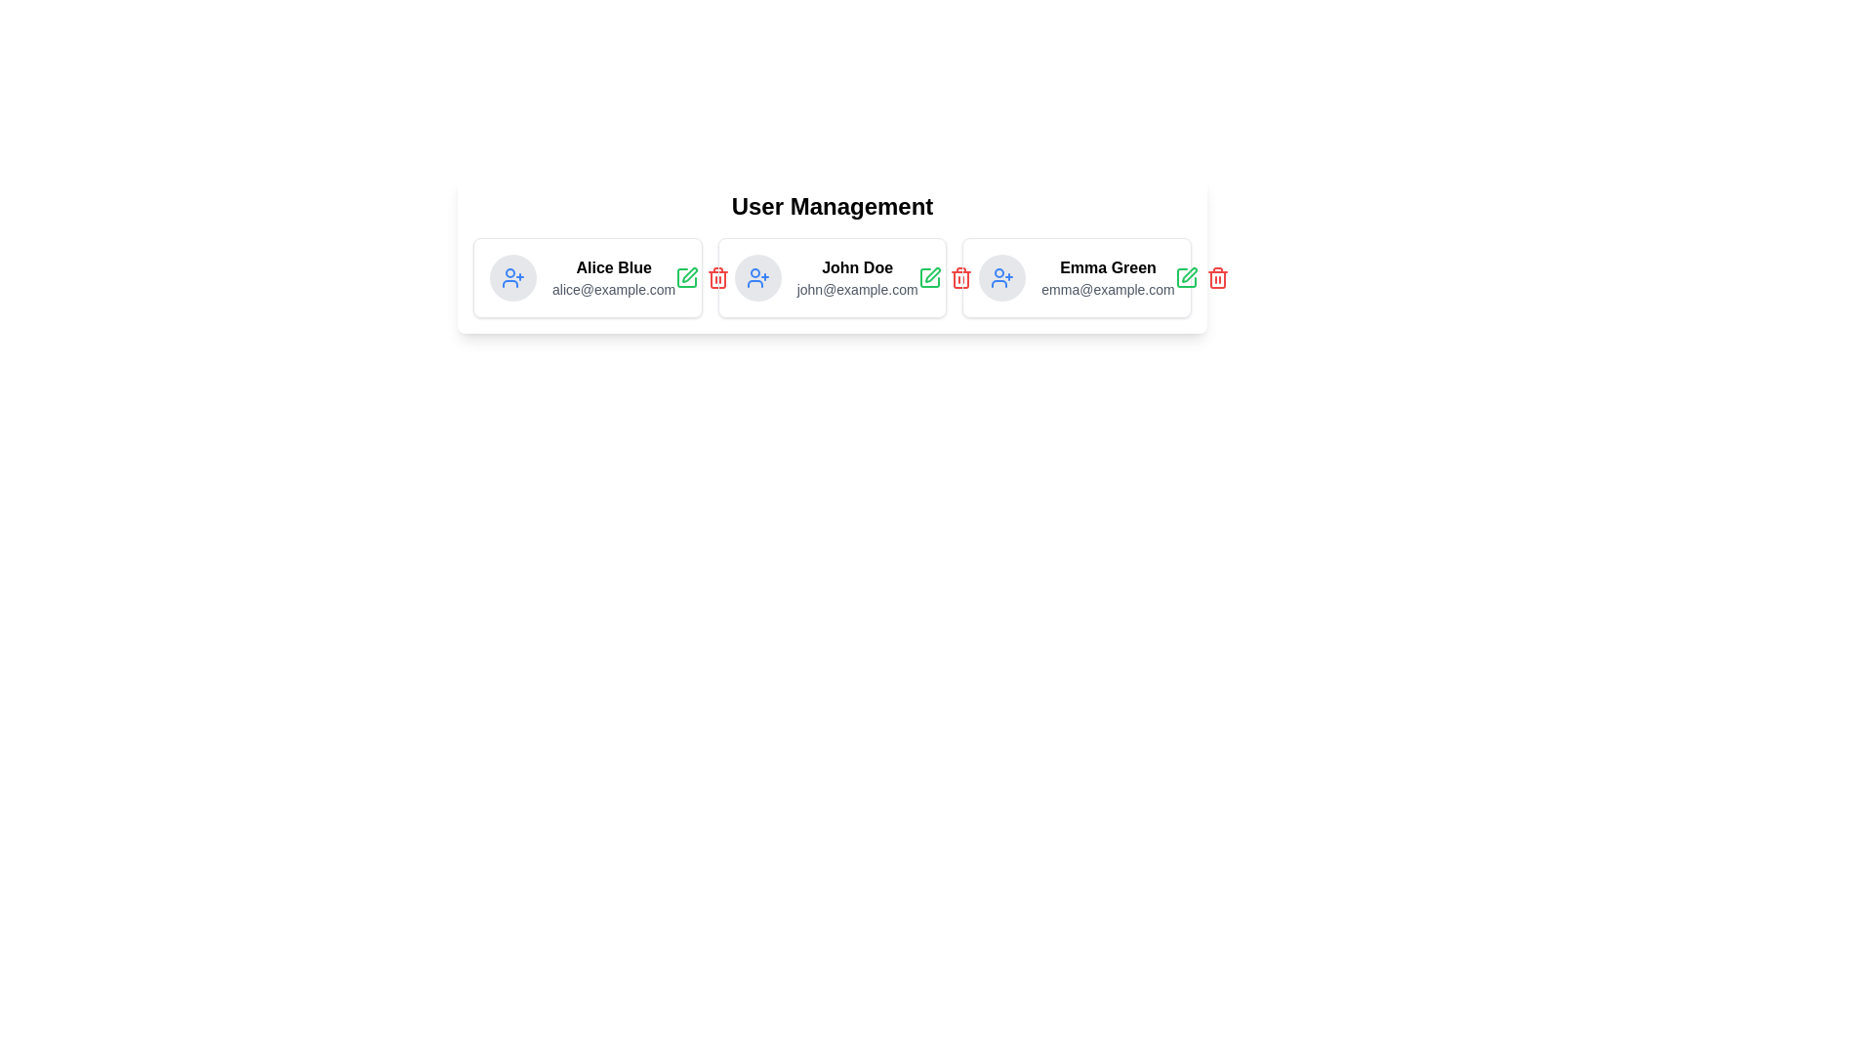 The image size is (1874, 1054). Describe the element at coordinates (587, 278) in the screenshot. I see `user details from the User Information Card located at the top left of the grid layout, which includes the user's name and email` at that location.